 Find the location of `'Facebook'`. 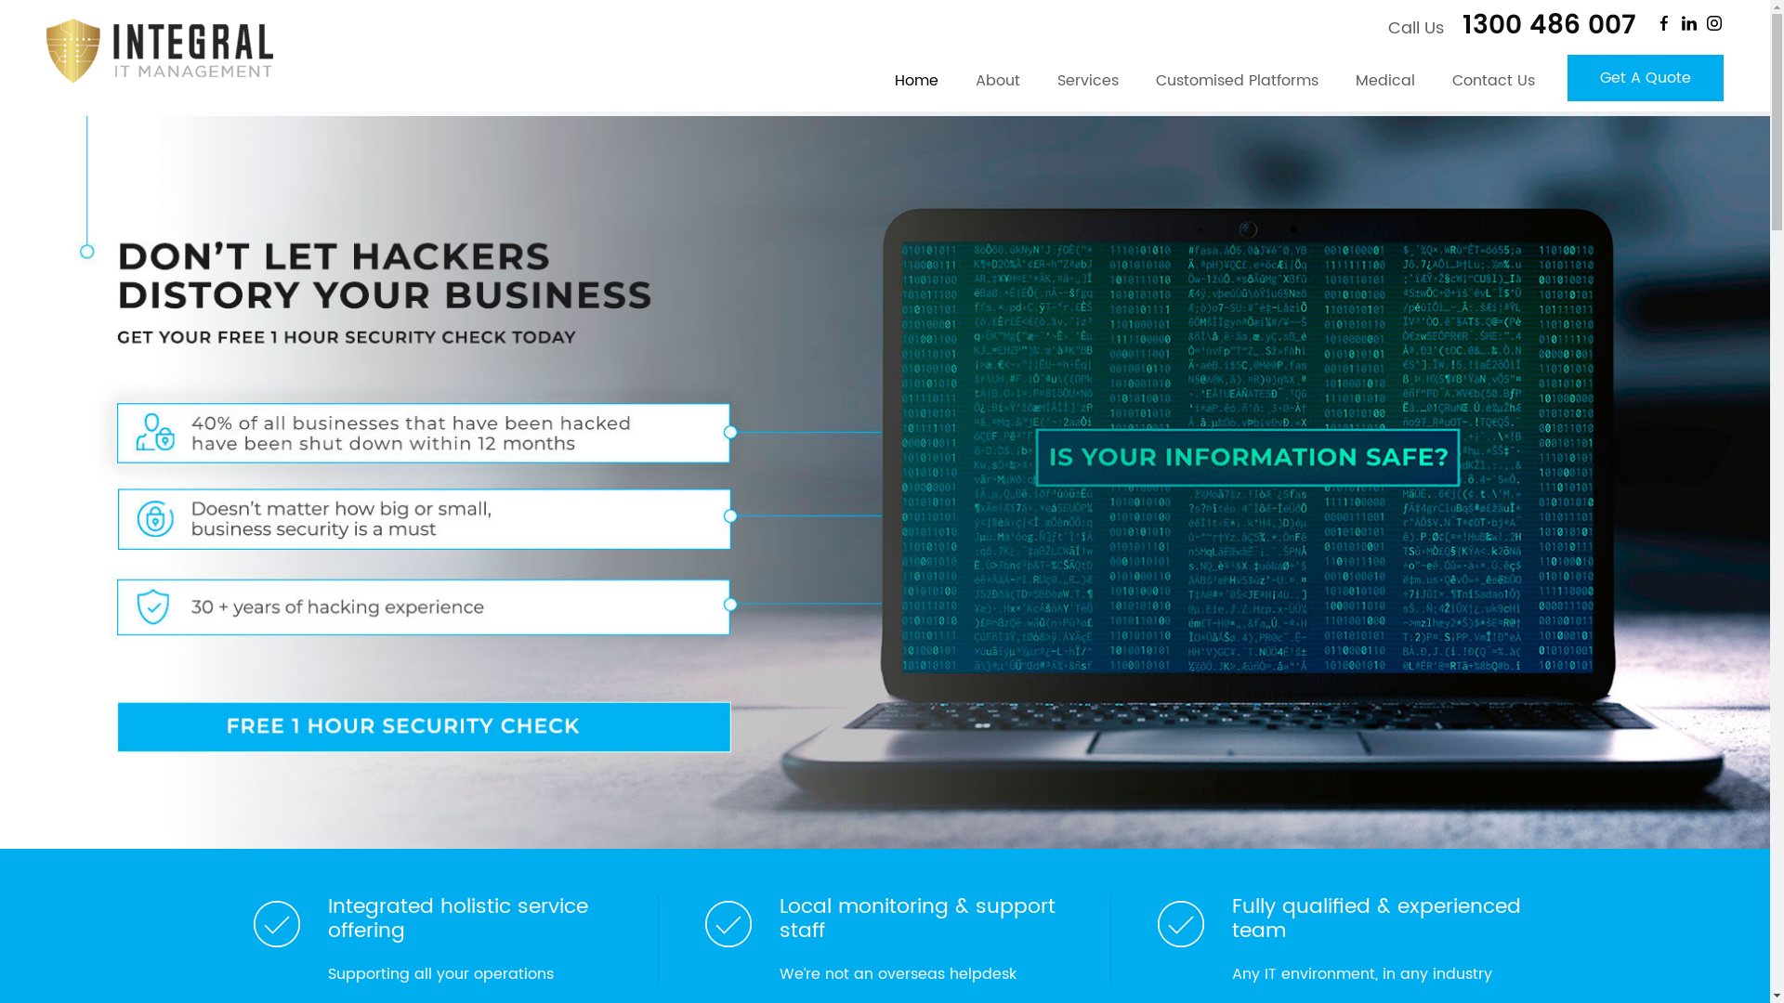

'Facebook' is located at coordinates (1663, 22).